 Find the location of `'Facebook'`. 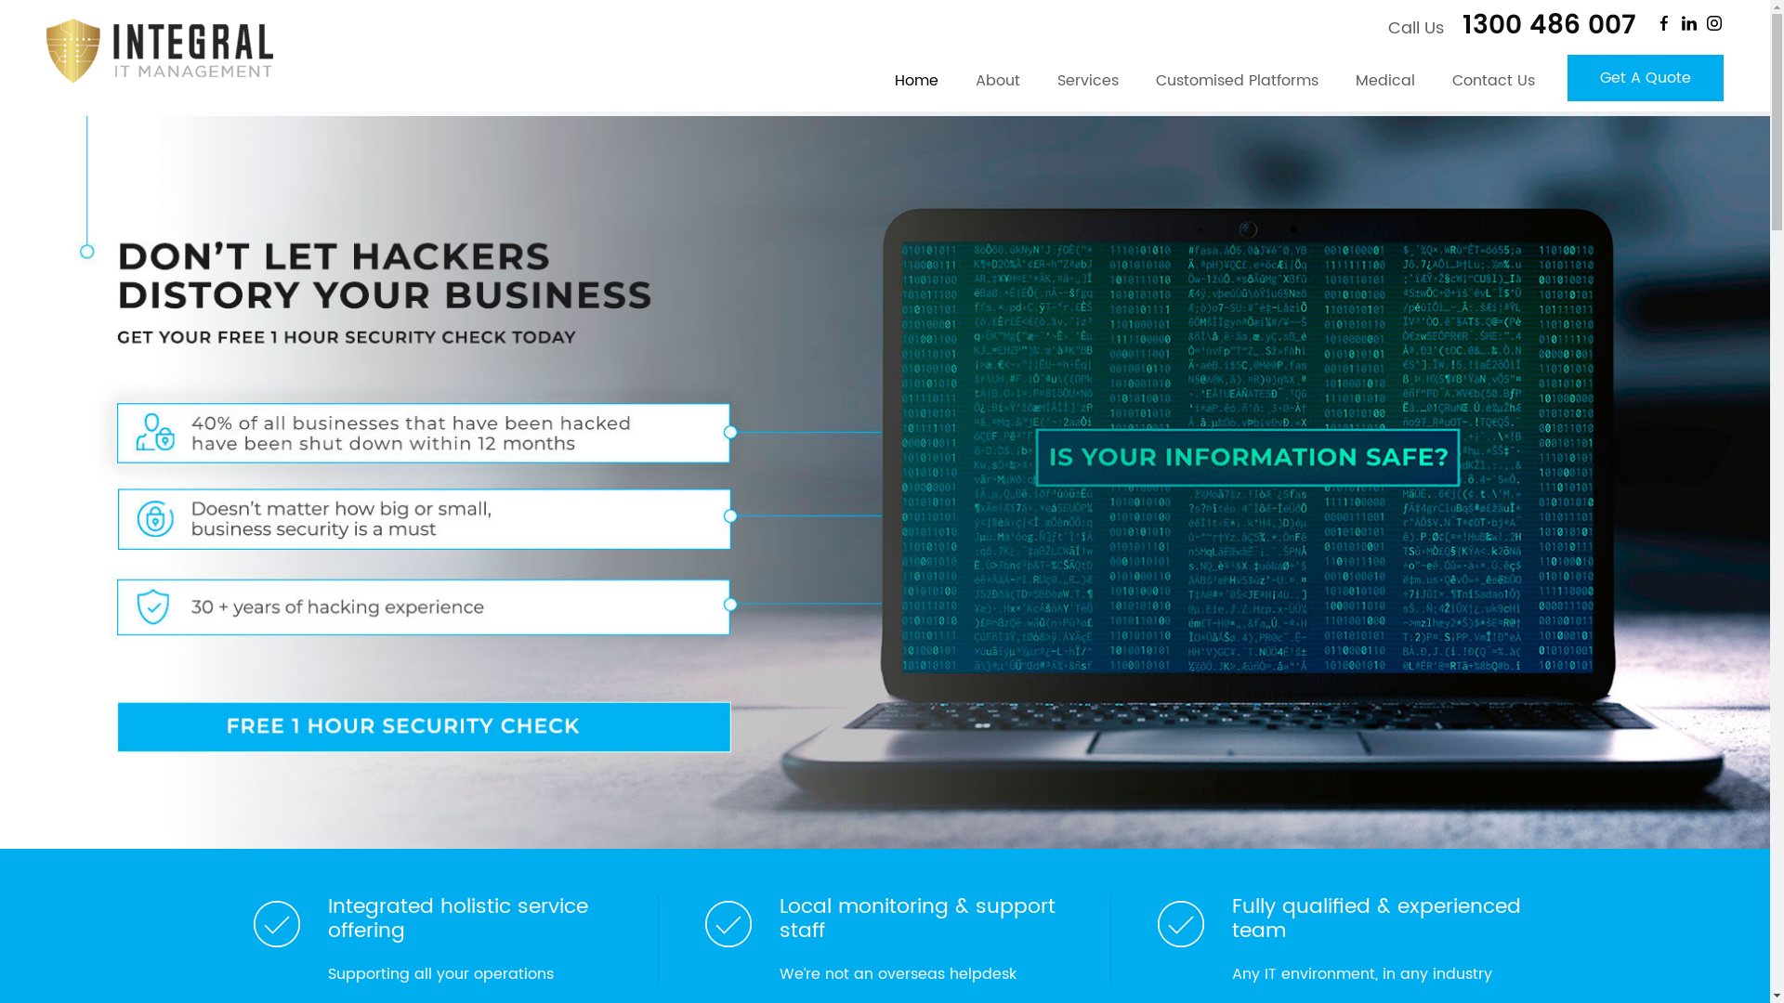

'Facebook' is located at coordinates (1663, 22).